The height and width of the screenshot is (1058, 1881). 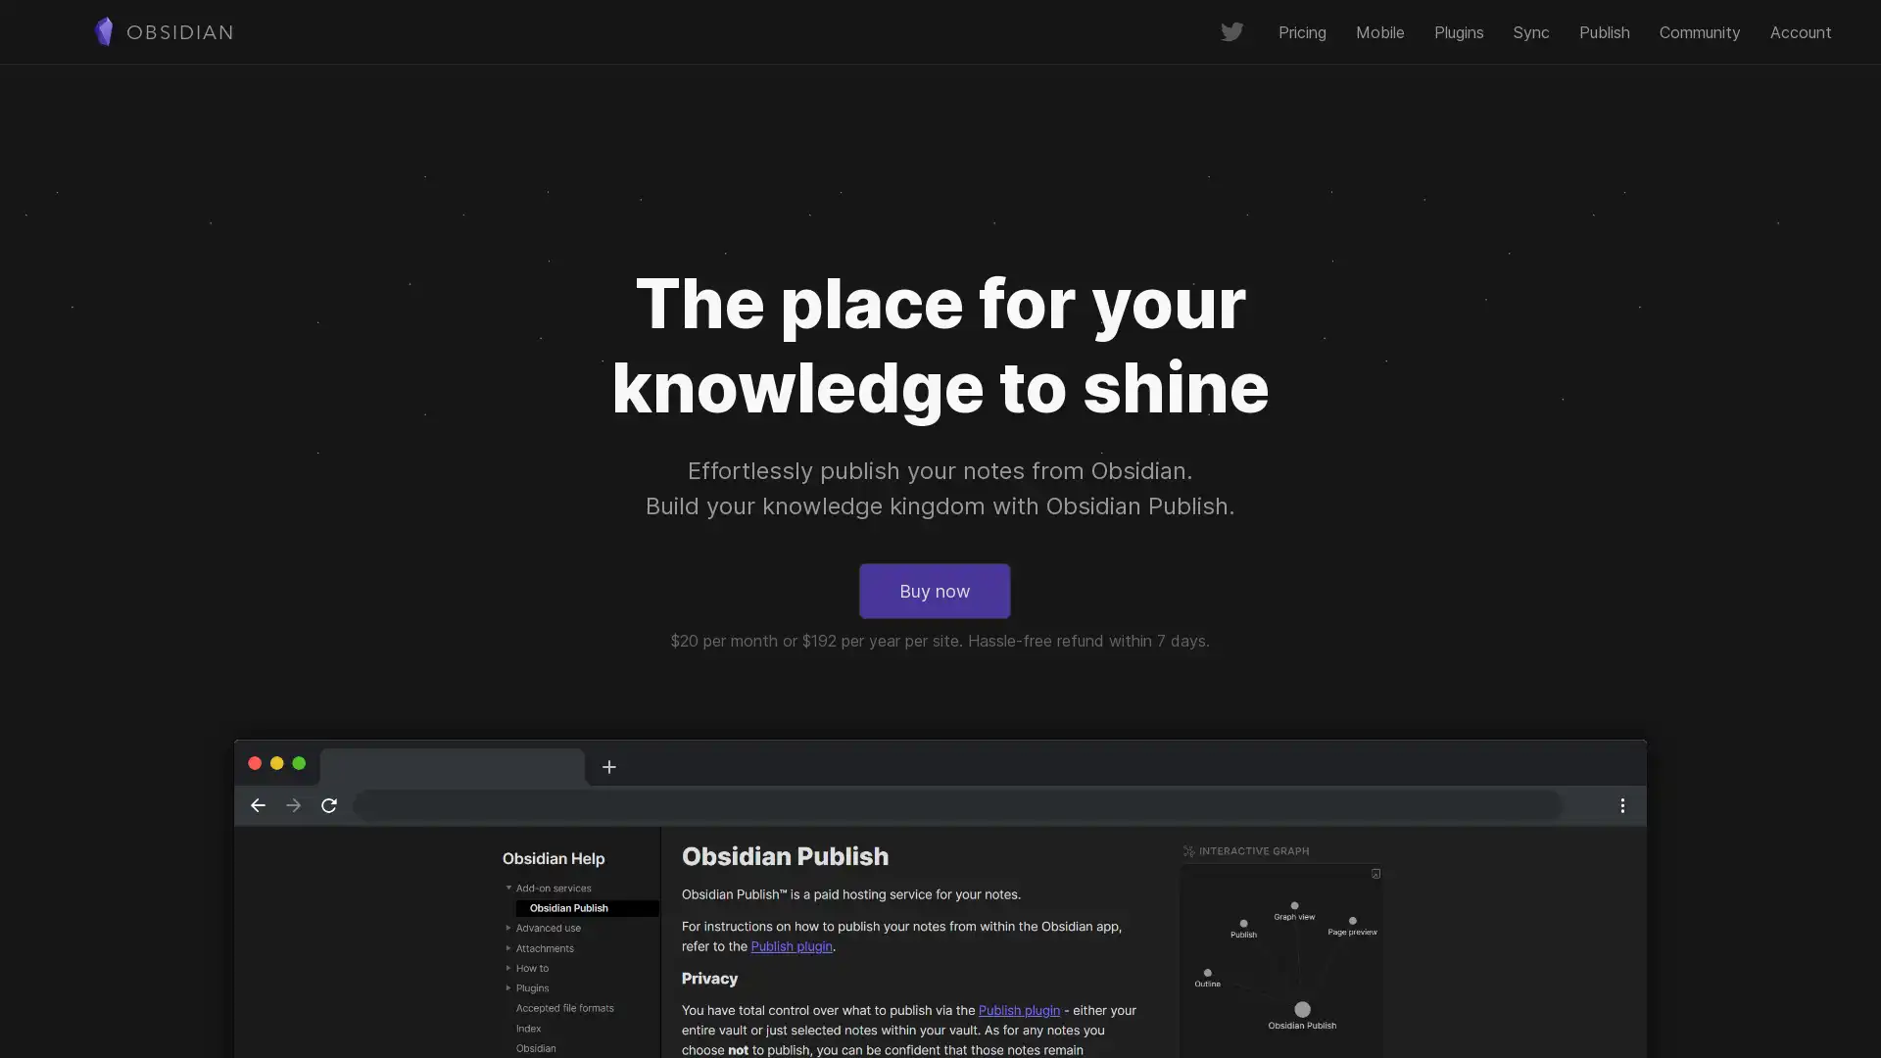 I want to click on Buy now, so click(x=933, y=589).